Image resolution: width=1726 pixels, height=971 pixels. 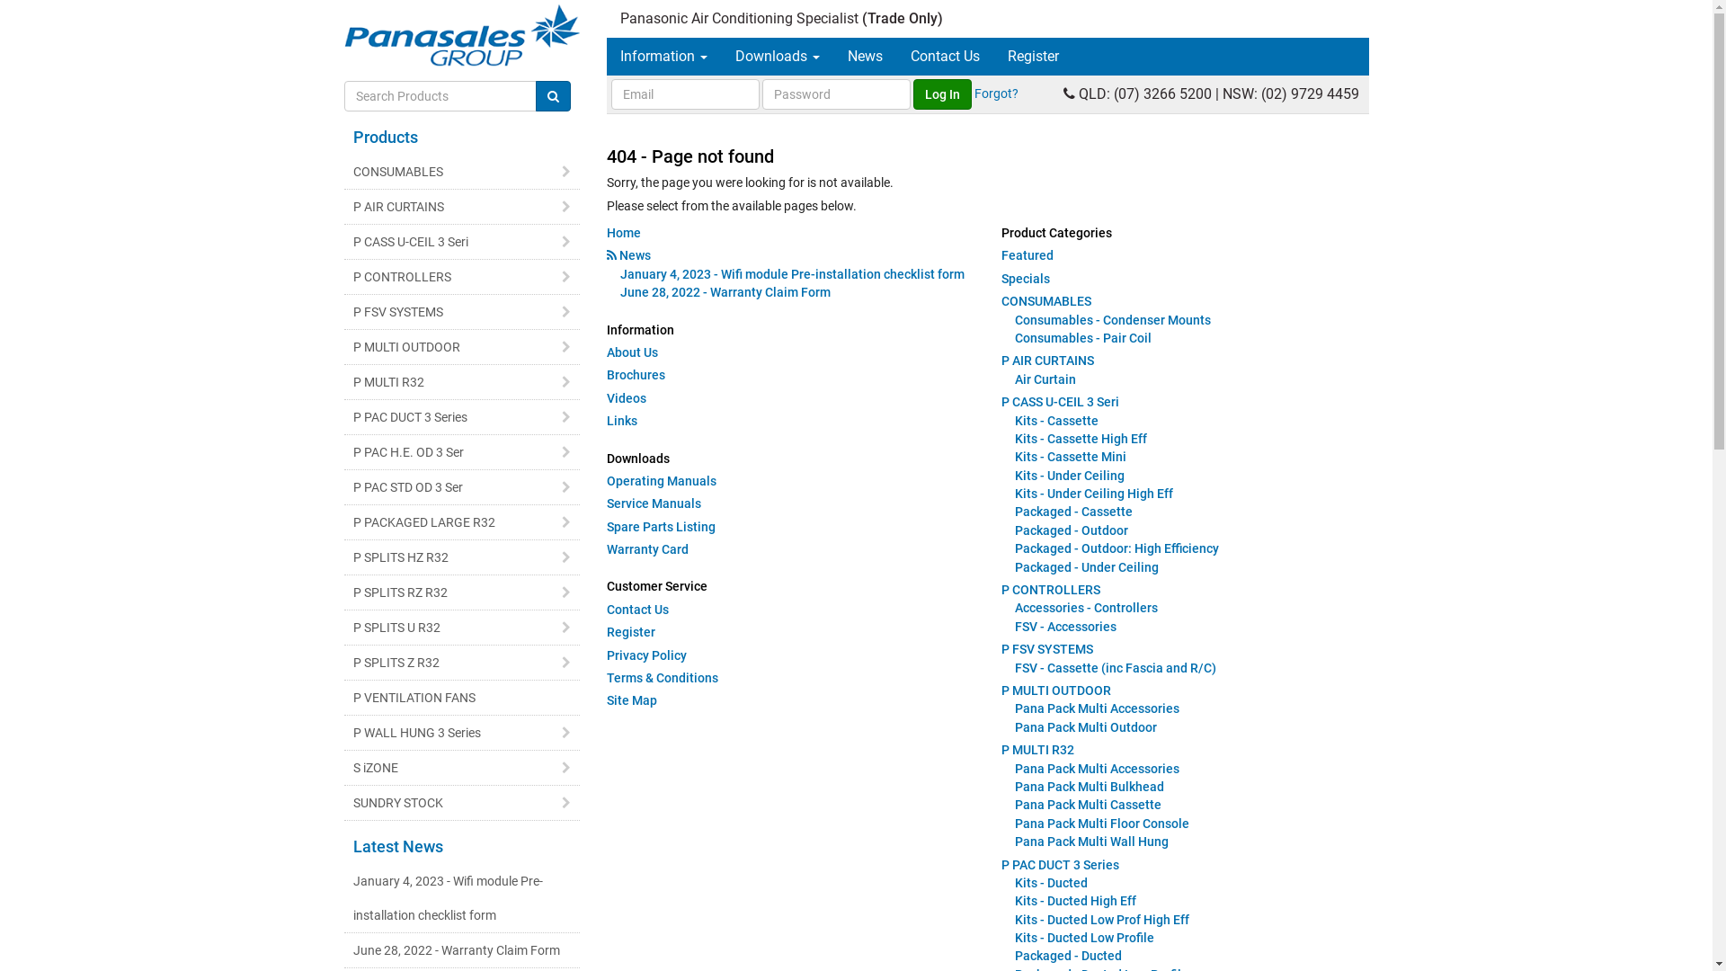 I want to click on 'Spare Parts Listing', so click(x=660, y=526).